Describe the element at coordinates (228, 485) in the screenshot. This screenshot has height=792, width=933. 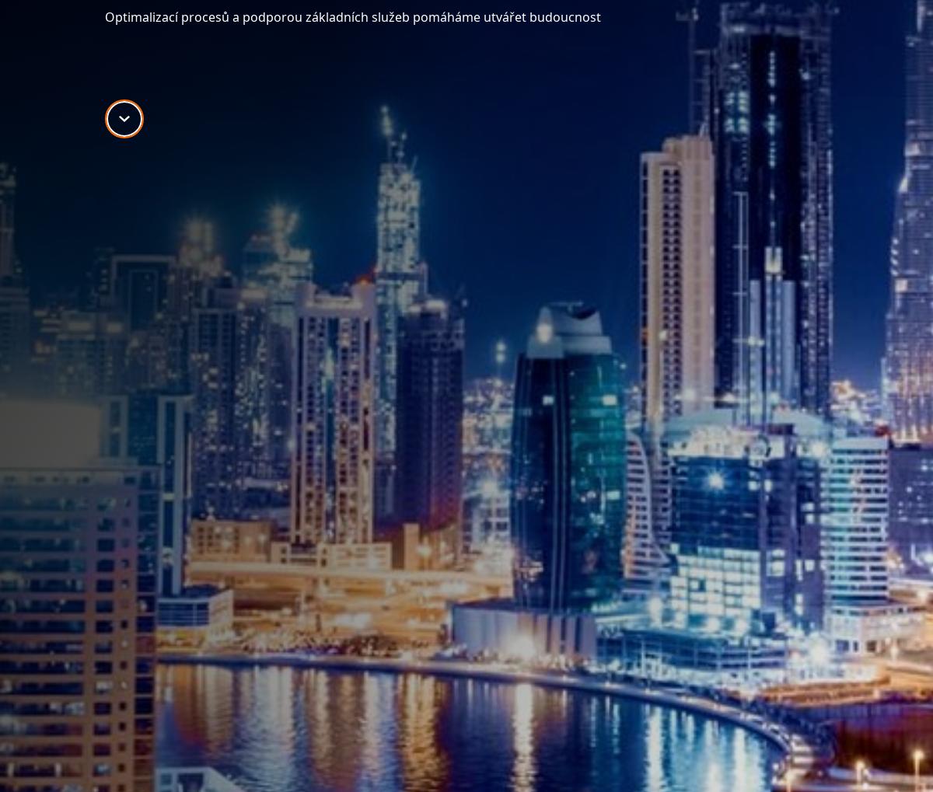
I see `'O této stránce'` at that location.